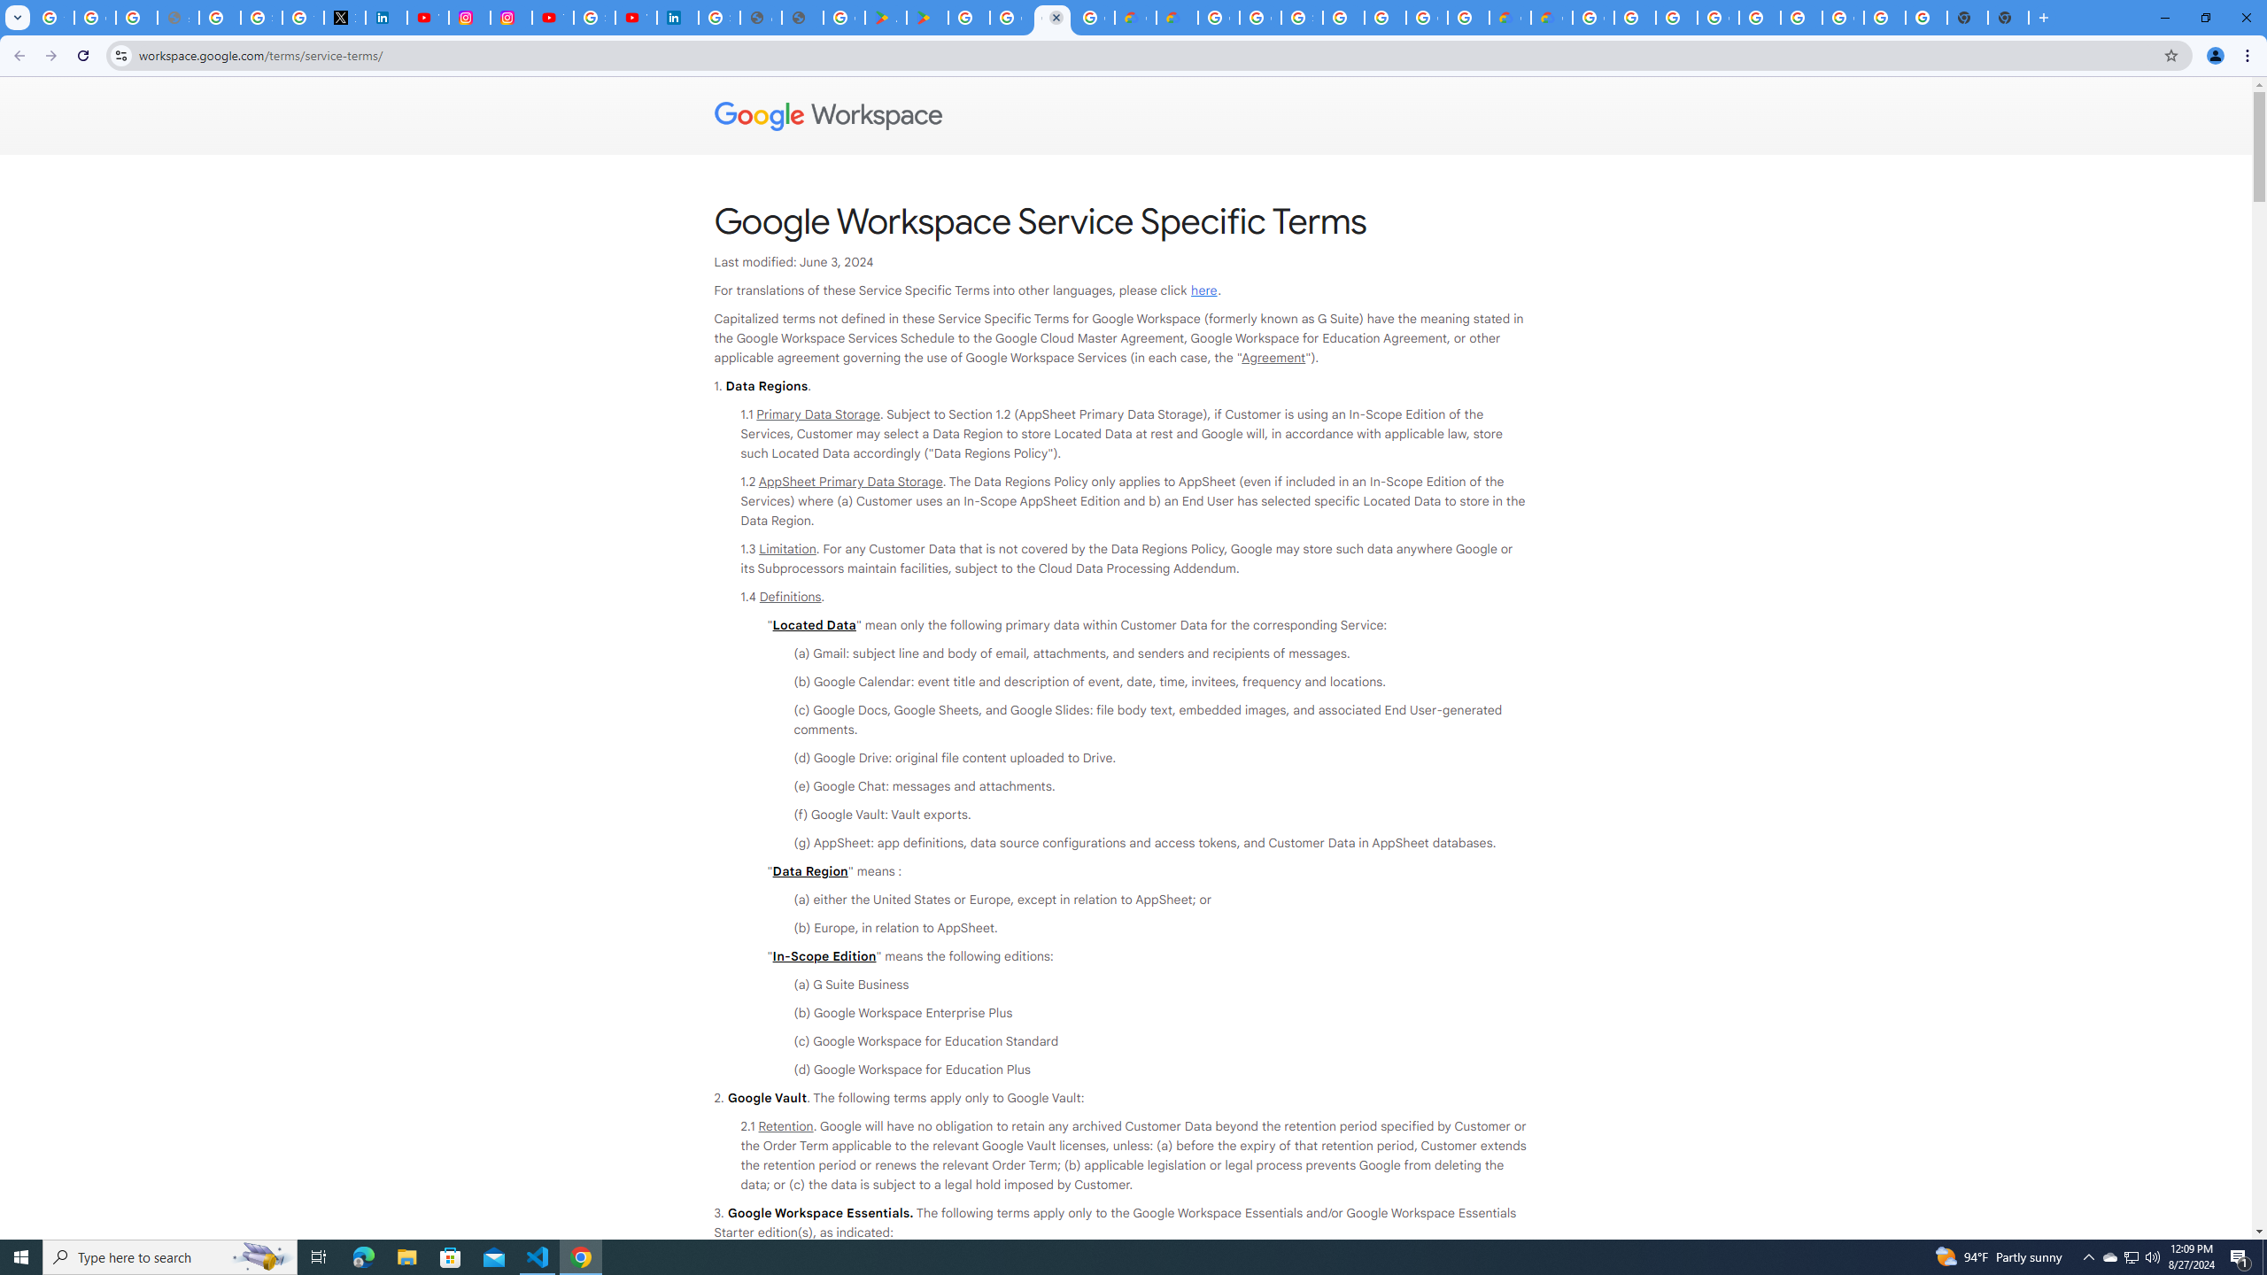  I want to click on 'Google Workspace - Specific Terms', so click(1053, 17).